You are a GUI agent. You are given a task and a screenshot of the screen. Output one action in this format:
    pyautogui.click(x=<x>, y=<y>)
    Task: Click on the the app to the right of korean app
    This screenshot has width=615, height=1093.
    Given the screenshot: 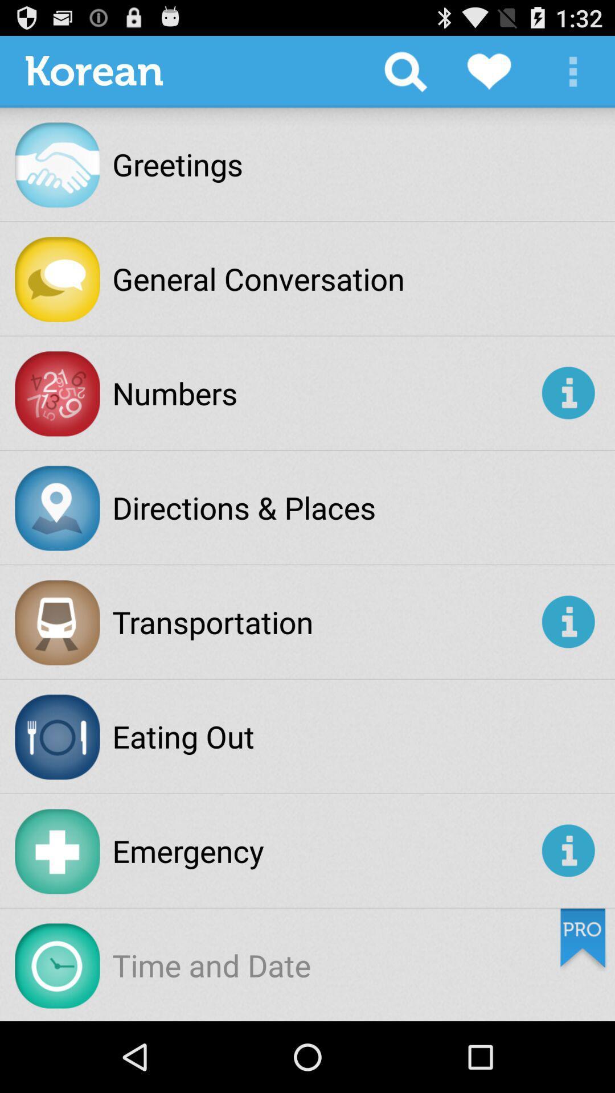 What is the action you would take?
    pyautogui.click(x=405, y=71)
    